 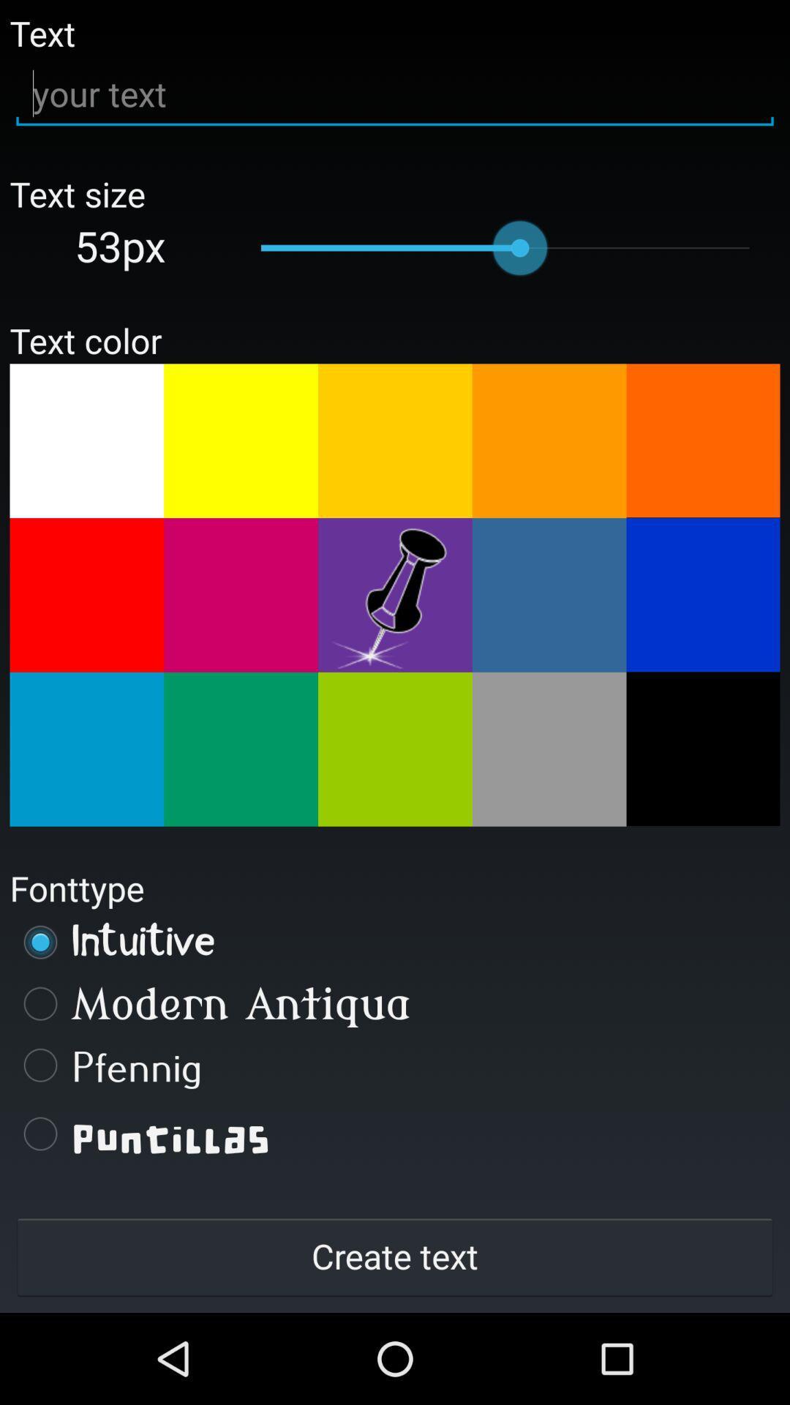 I want to click on change text color to orange, so click(x=549, y=440).